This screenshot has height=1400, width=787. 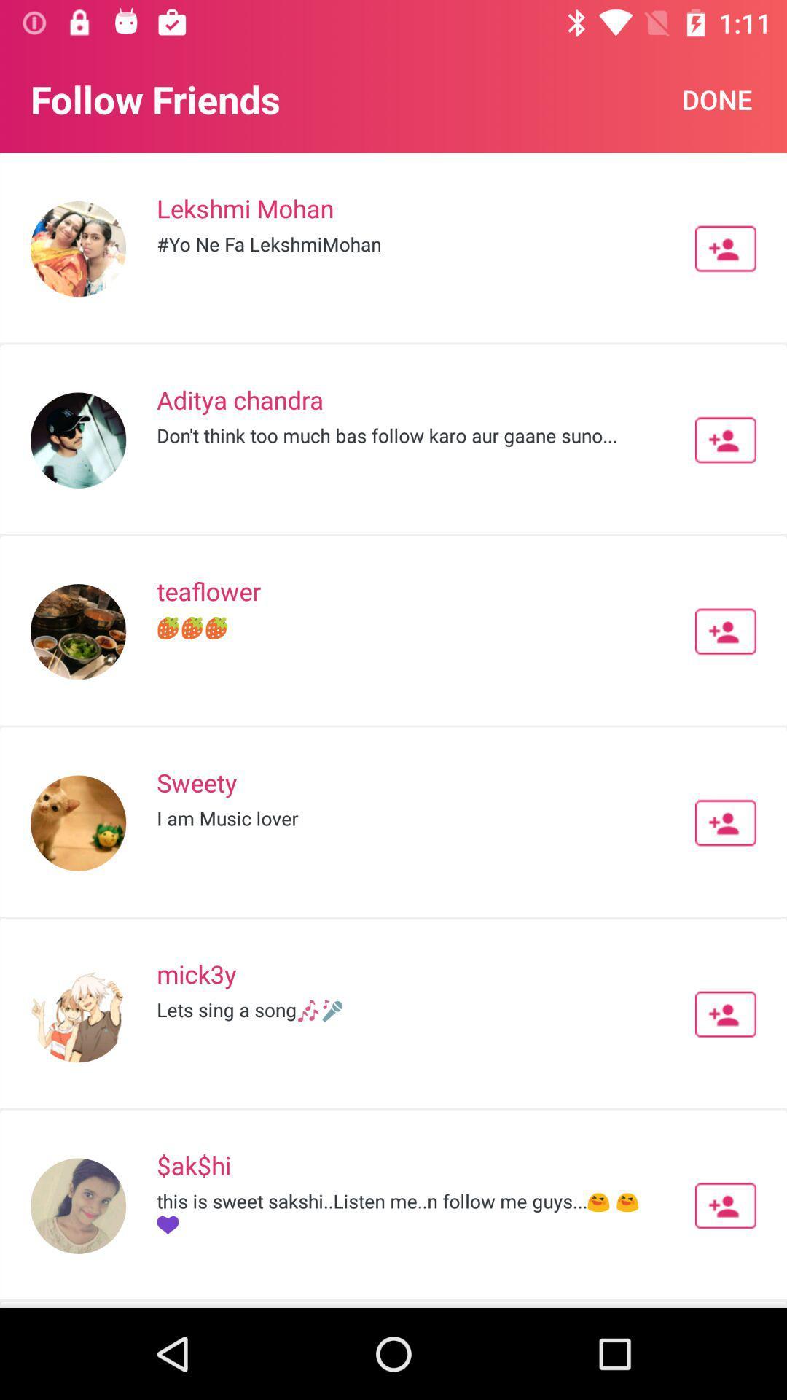 I want to click on friend, so click(x=725, y=631).